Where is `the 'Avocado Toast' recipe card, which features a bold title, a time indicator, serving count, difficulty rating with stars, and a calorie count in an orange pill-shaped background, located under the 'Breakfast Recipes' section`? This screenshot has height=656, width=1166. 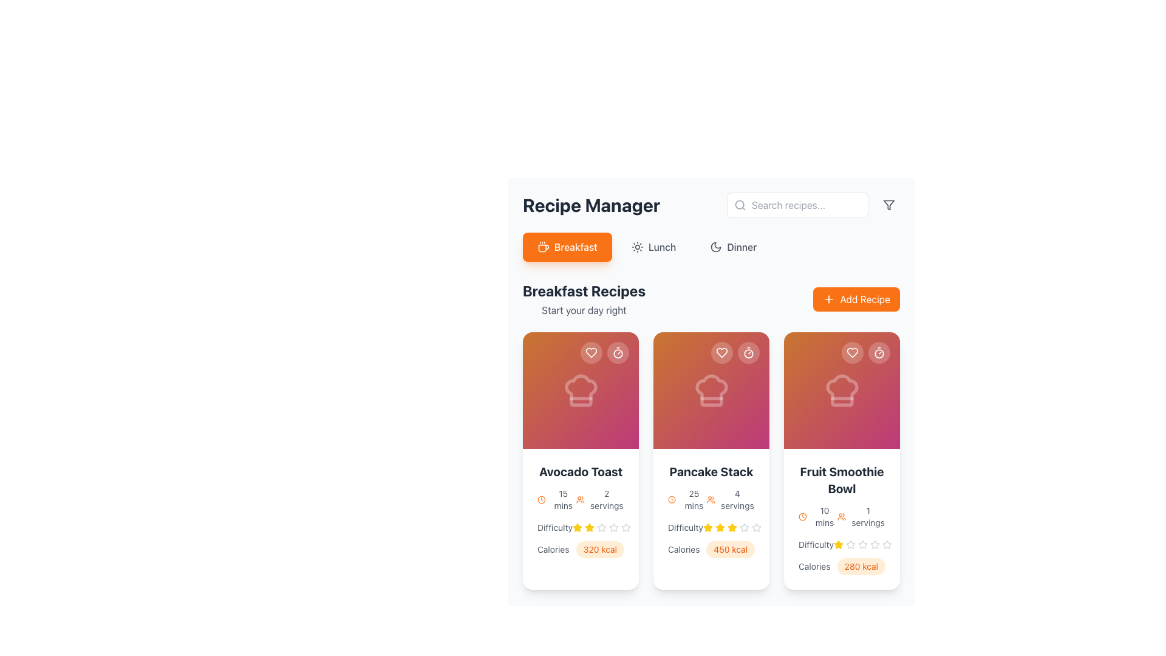
the 'Avocado Toast' recipe card, which features a bold title, a time indicator, serving count, difficulty rating with stars, and a calorie count in an orange pill-shaped background, located under the 'Breakfast Recipes' section is located at coordinates (580, 510).